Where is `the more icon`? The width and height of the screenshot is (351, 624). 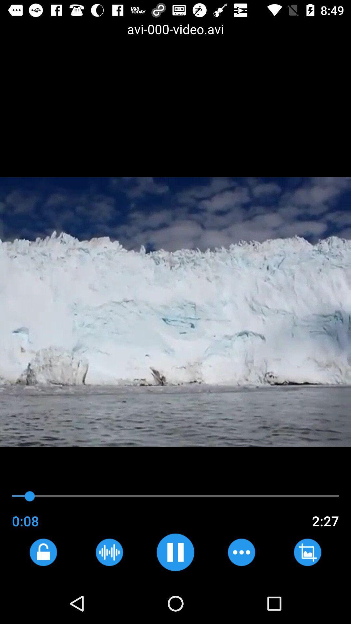
the more icon is located at coordinates (241, 552).